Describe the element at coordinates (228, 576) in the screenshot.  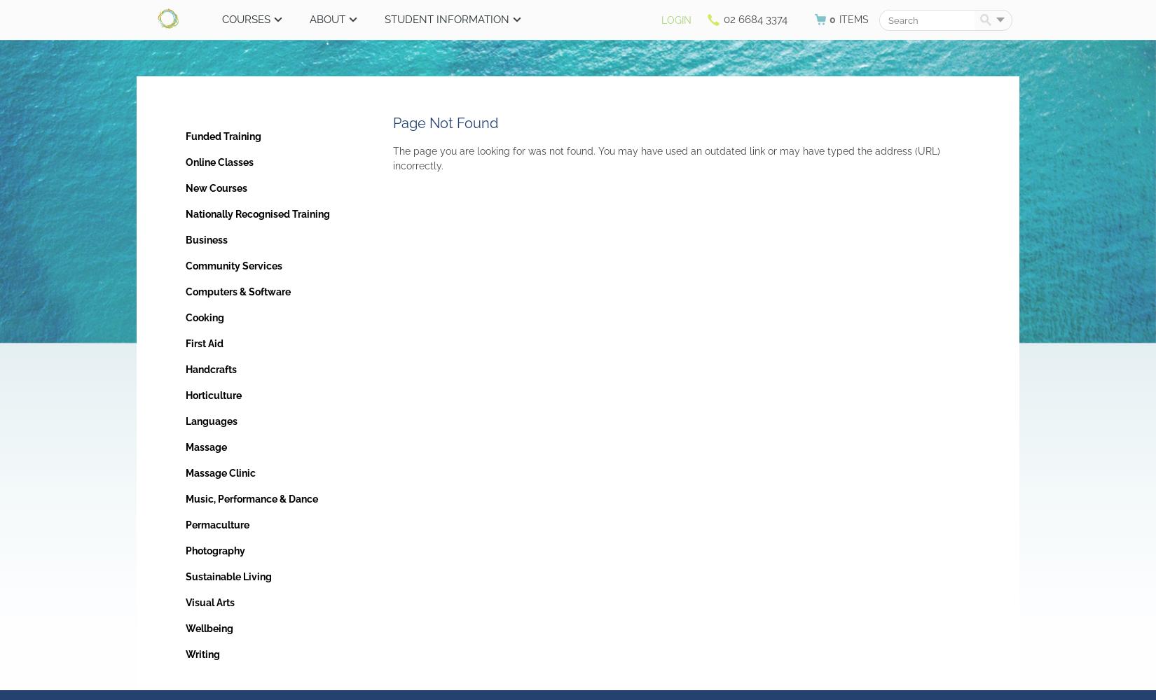
I see `'Sustainable Living'` at that location.